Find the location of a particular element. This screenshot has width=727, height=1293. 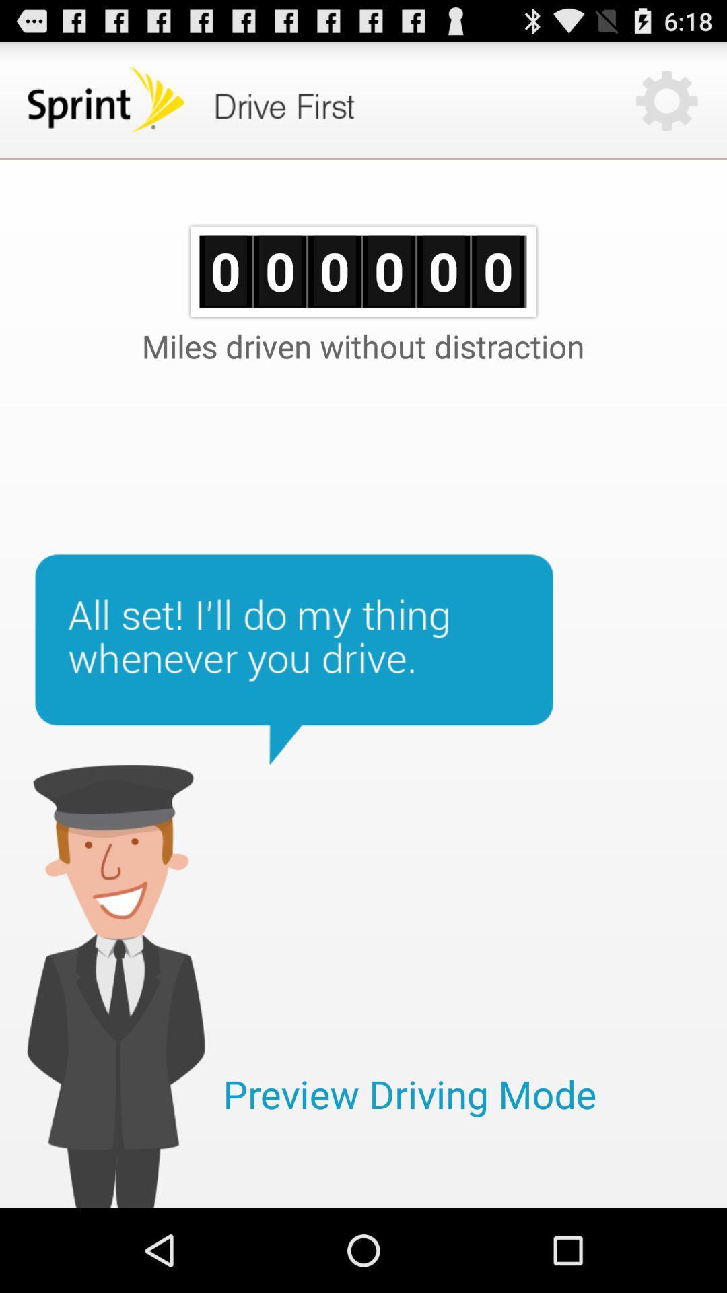

the blue color text at bottom of the page is located at coordinates (409, 1094).